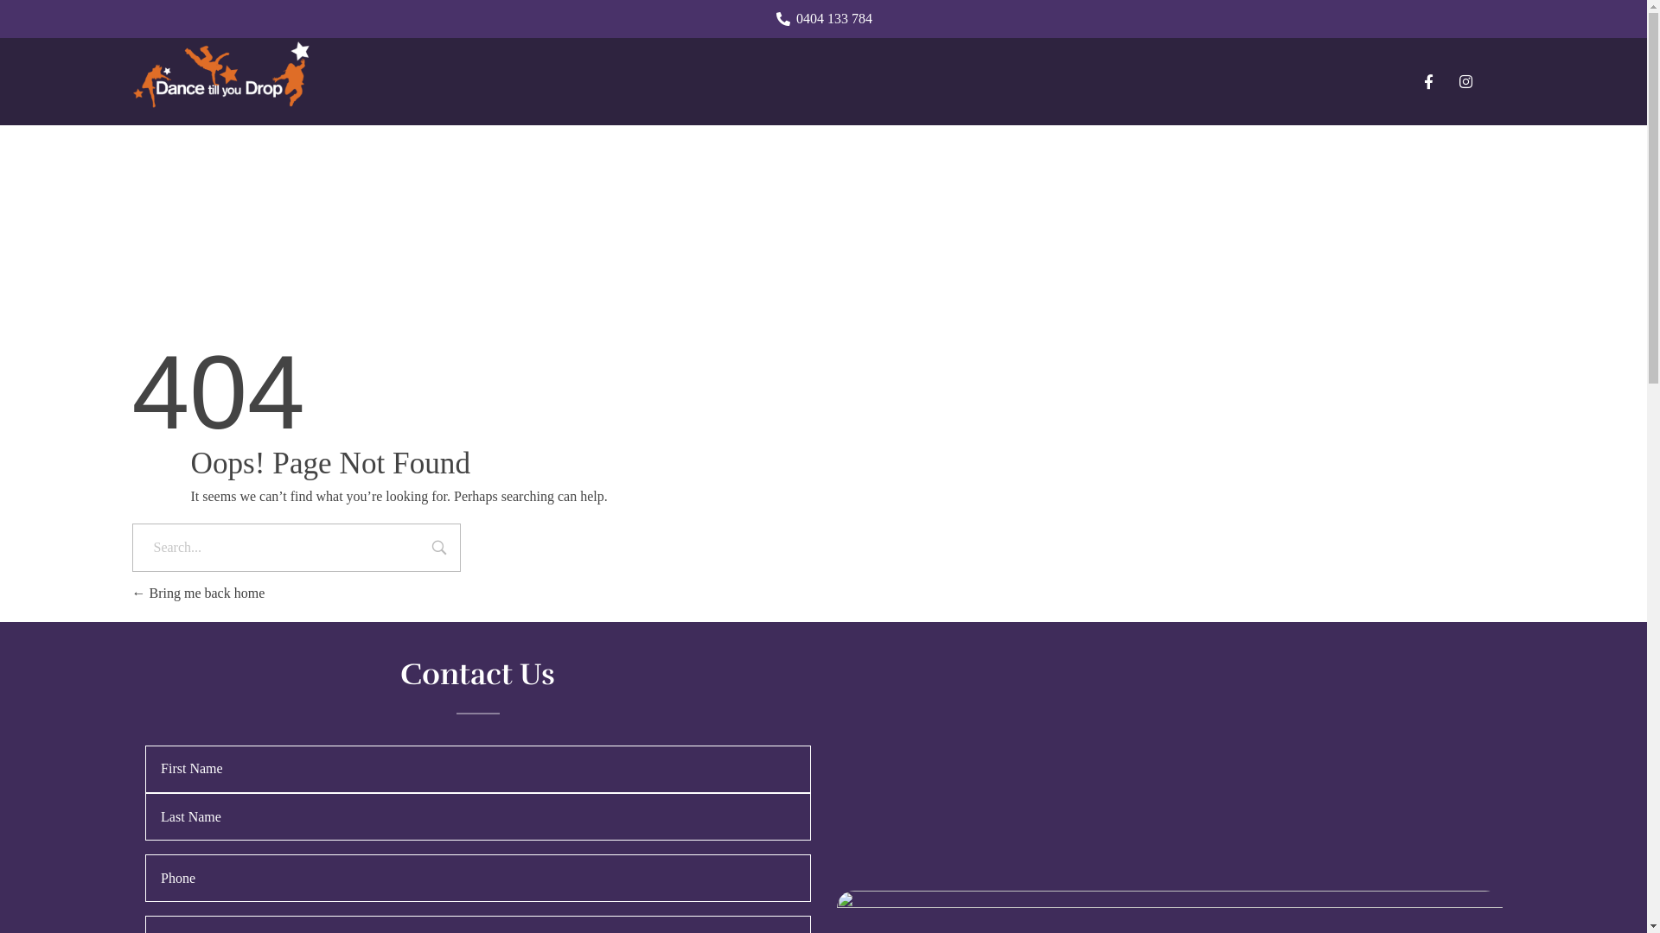  Describe the element at coordinates (131, 592) in the screenshot. I see `'Bring me back home'` at that location.